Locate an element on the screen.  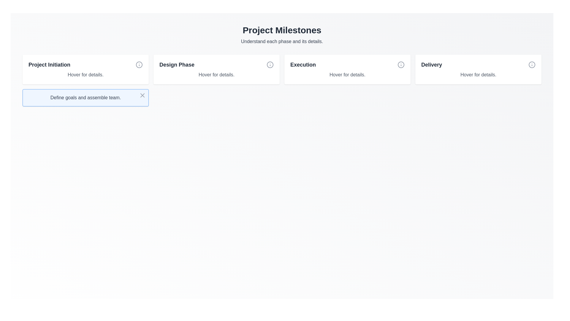
the 'X' icon button located in the bottom right corner of the 'Define goals and assemble team' section, which is designed to serve as a closing control is located at coordinates (142, 95).